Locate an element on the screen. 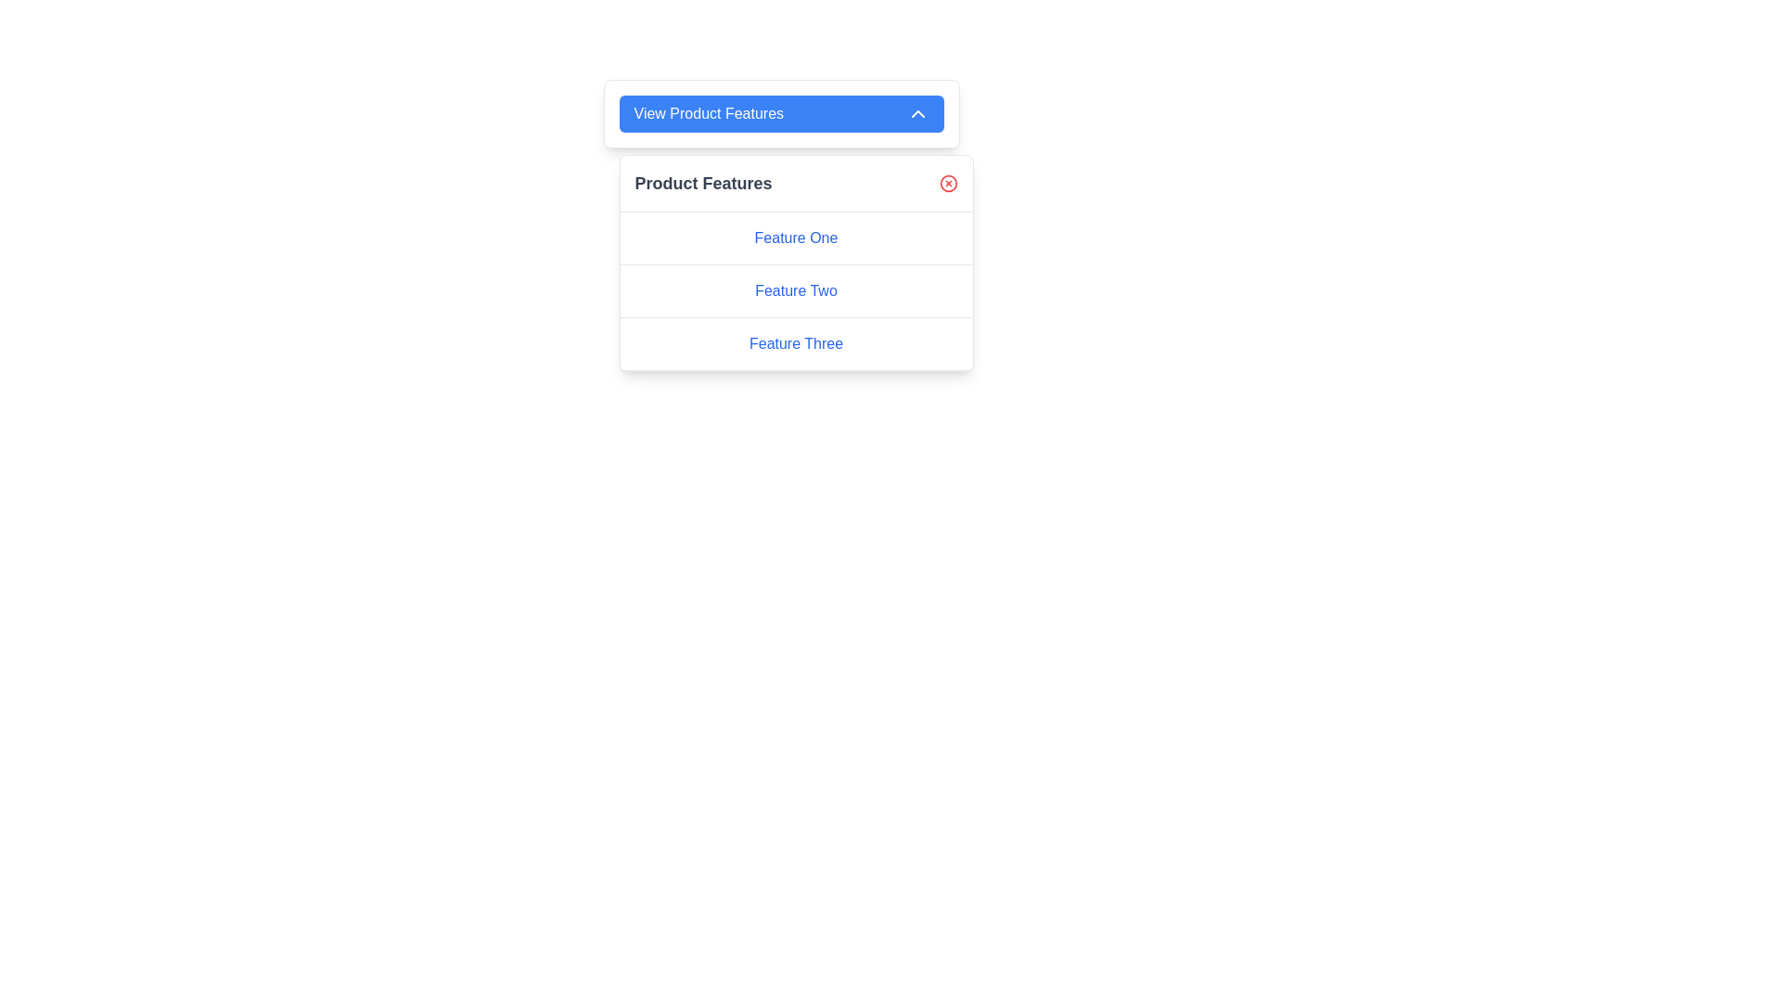 This screenshot has width=1781, height=1002. the close button, which is a circular SVG shape with a cross sign, located in the top-right corner of the 'Product Features' dropdown menu is located at coordinates (948, 183).